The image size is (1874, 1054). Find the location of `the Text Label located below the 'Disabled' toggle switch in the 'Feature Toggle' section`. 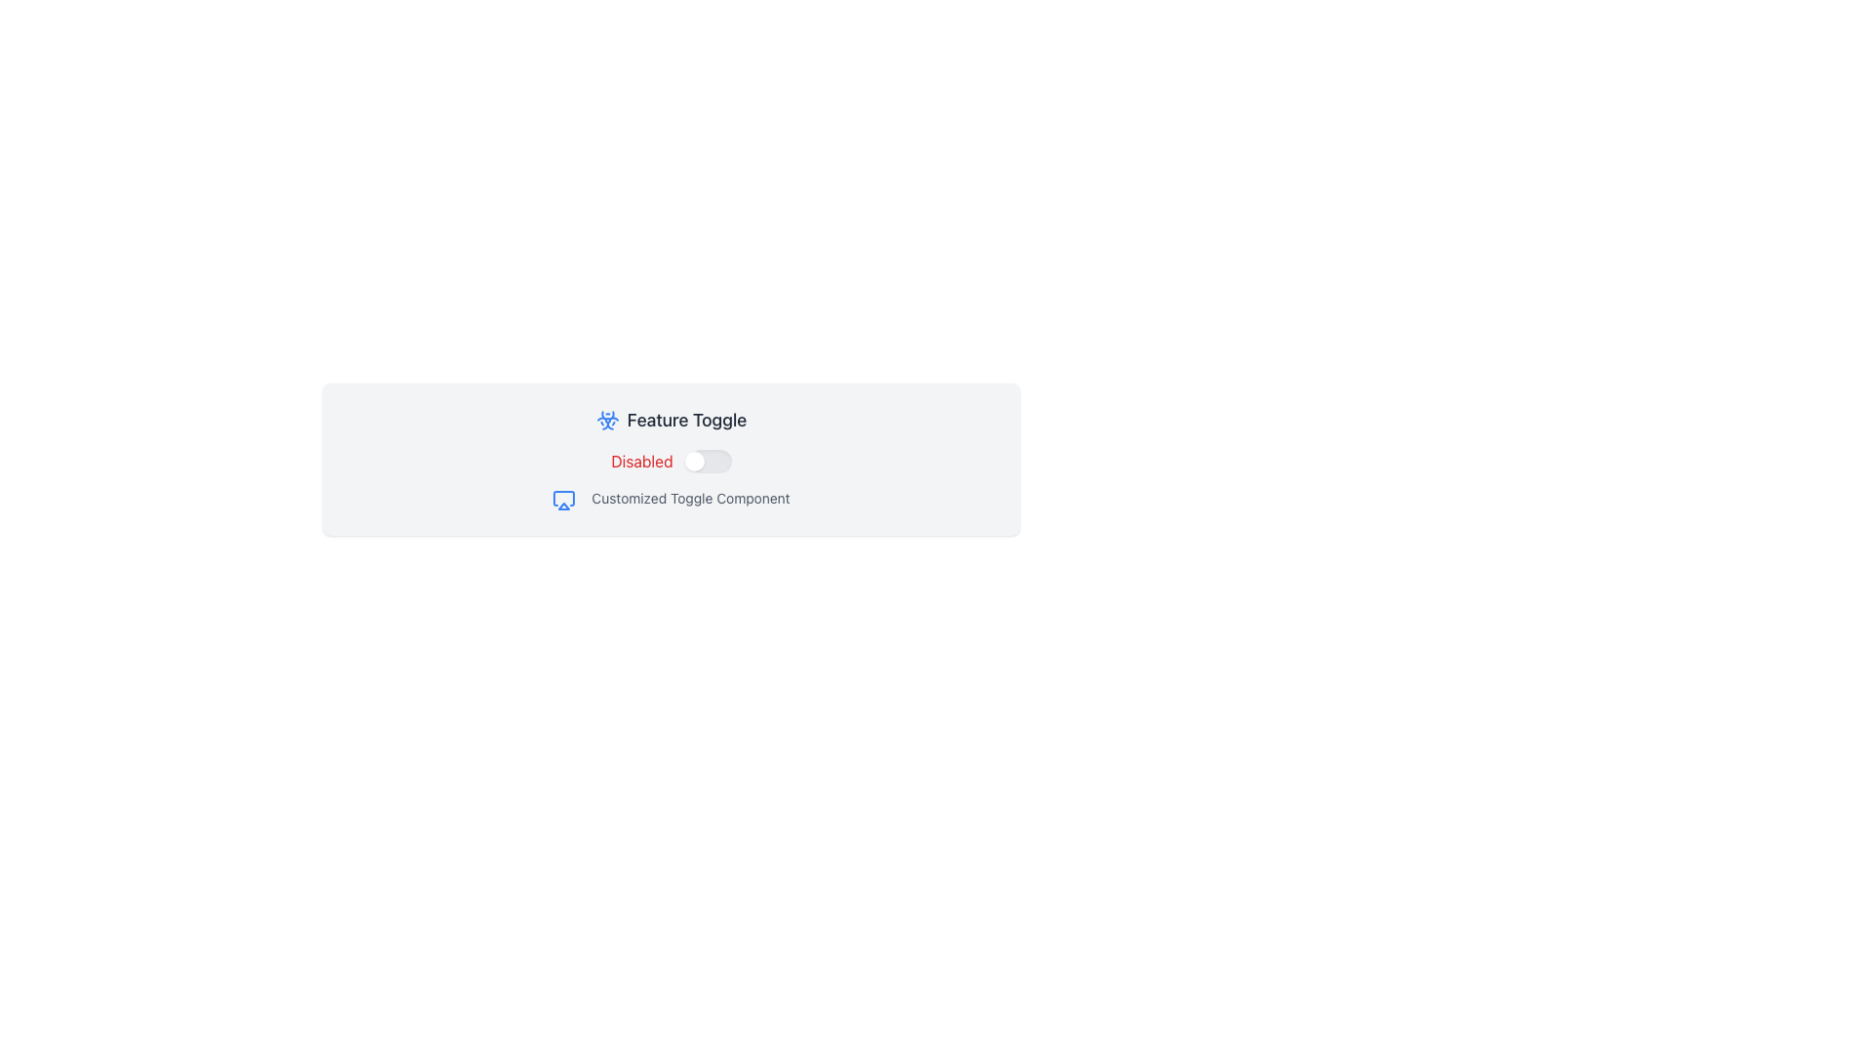

the Text Label located below the 'Disabled' toggle switch in the 'Feature Toggle' section is located at coordinates (671, 500).